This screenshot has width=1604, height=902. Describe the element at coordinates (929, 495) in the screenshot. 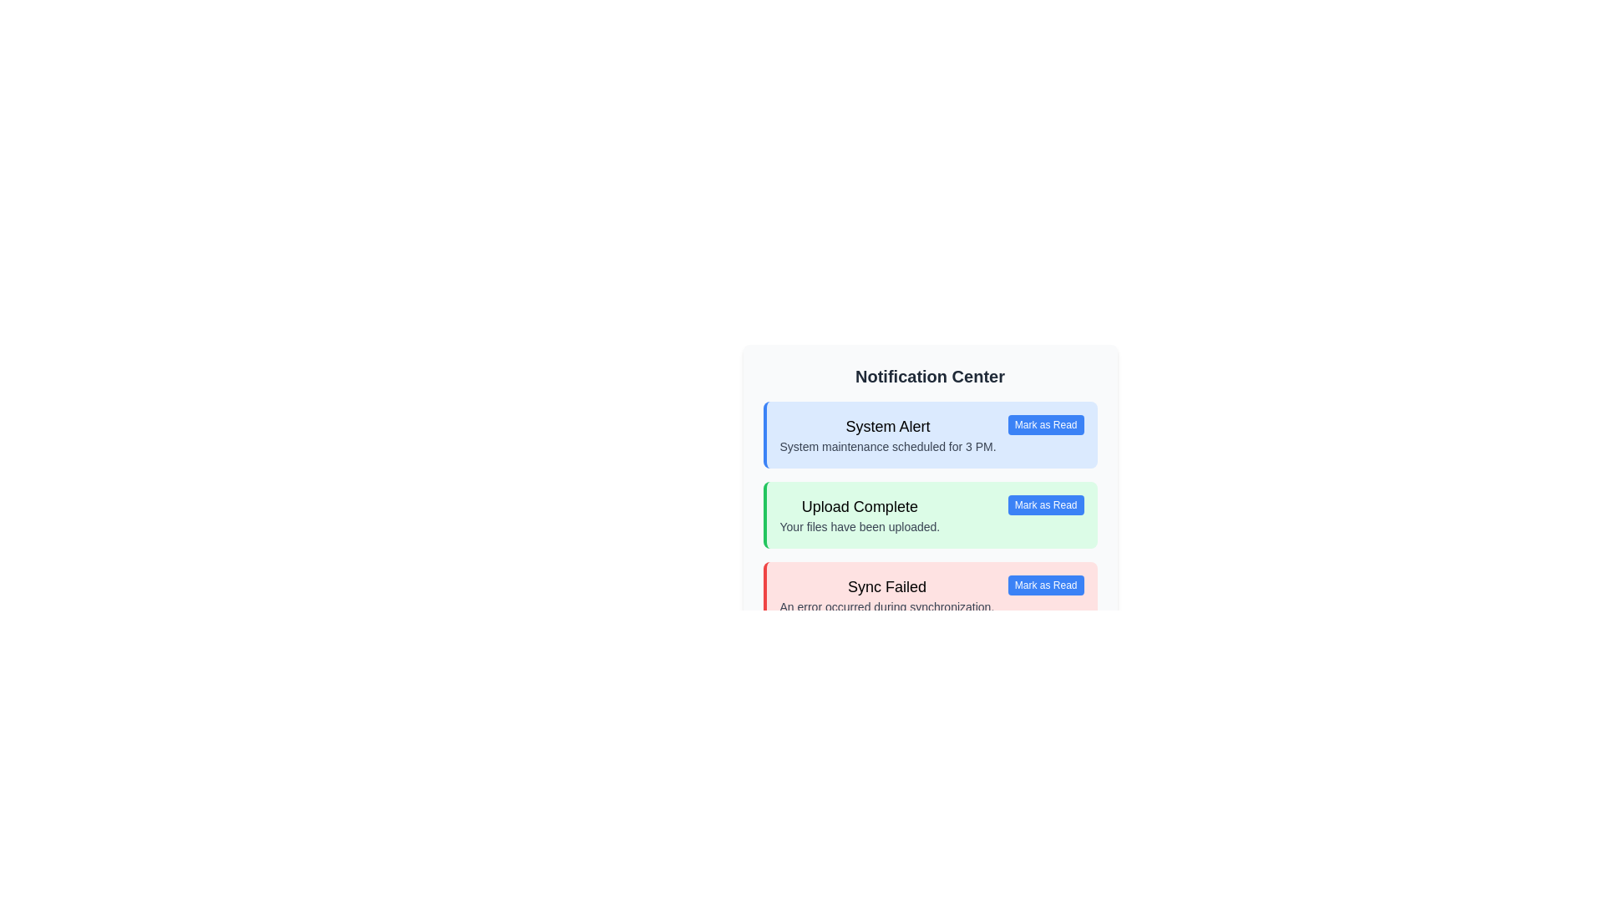

I see `the second notification item in the Notification Center to focus on the successful upload notification` at that location.